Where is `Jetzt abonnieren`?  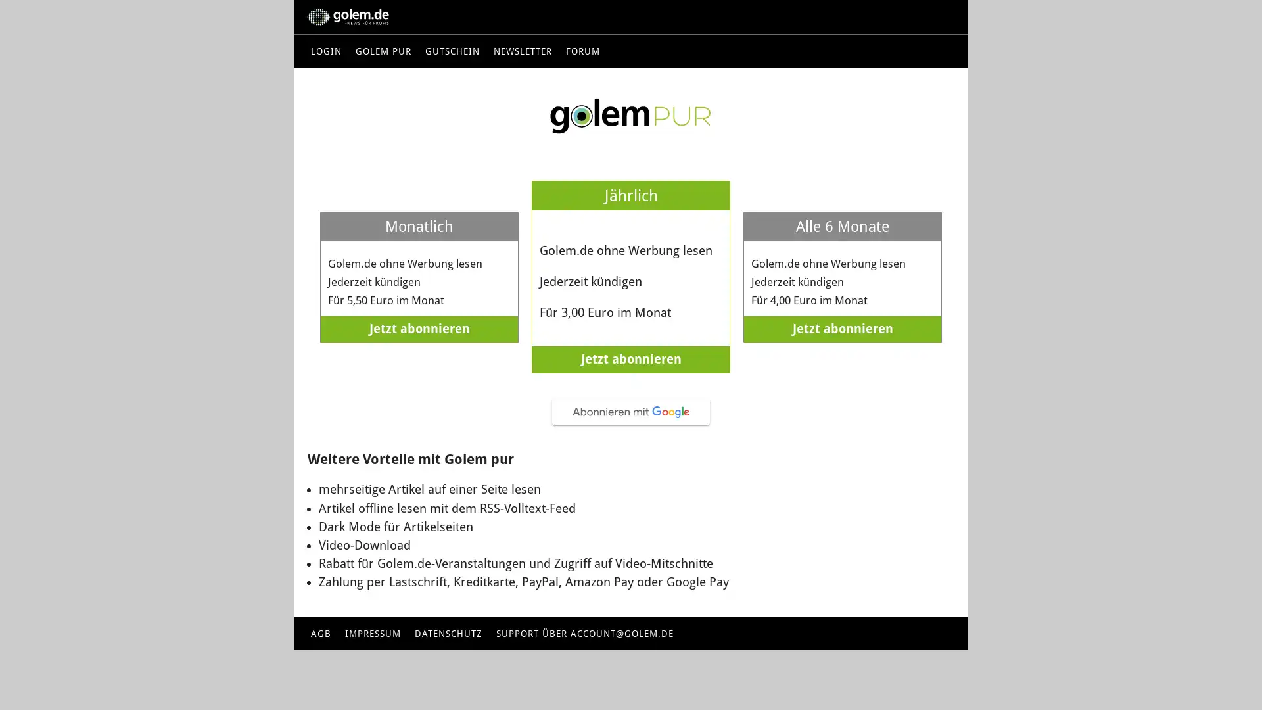 Jetzt abonnieren is located at coordinates (842, 329).